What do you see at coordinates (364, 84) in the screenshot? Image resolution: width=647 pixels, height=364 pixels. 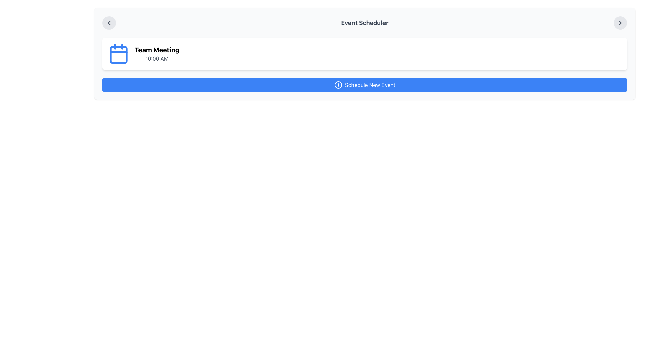 I see `the button located at the bottom of the 'Event Scheduler' section to schedule a new event` at bounding box center [364, 84].